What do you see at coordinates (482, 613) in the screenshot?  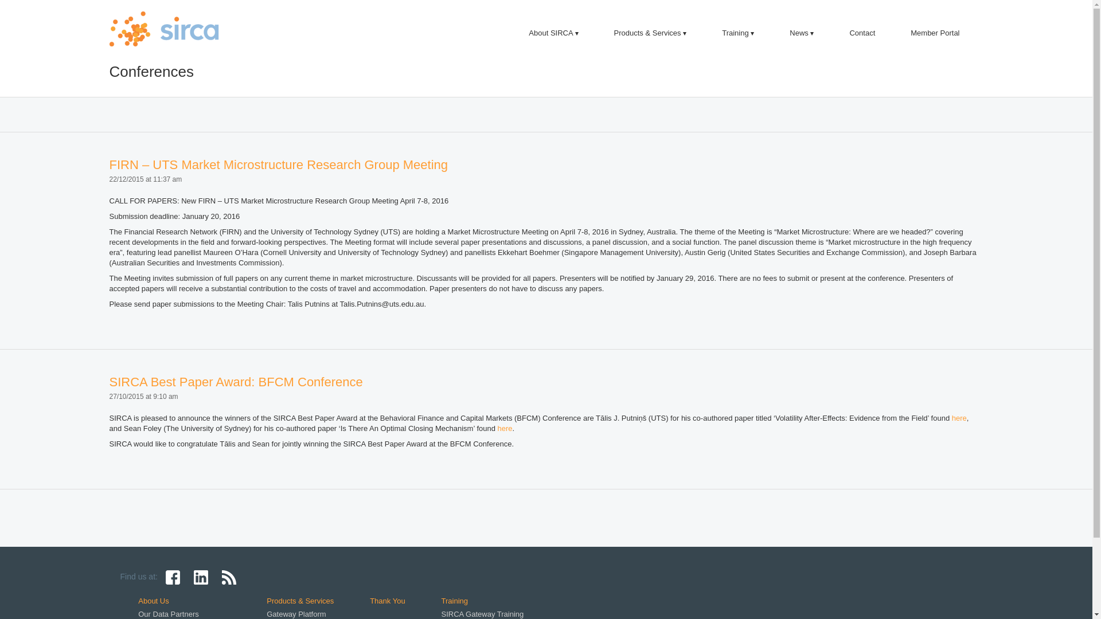 I see `'SIRCA Gateway Training'` at bounding box center [482, 613].